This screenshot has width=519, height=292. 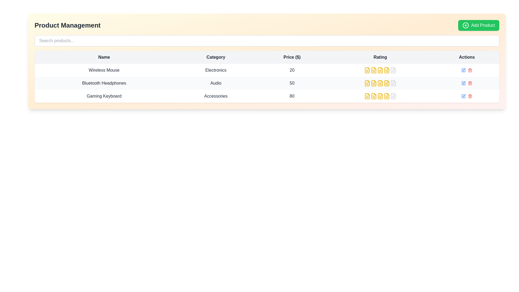 What do you see at coordinates (215, 83) in the screenshot?
I see `the Text Label representing the category name 'Bluetooth Headphones' in the second column of the product table` at bounding box center [215, 83].